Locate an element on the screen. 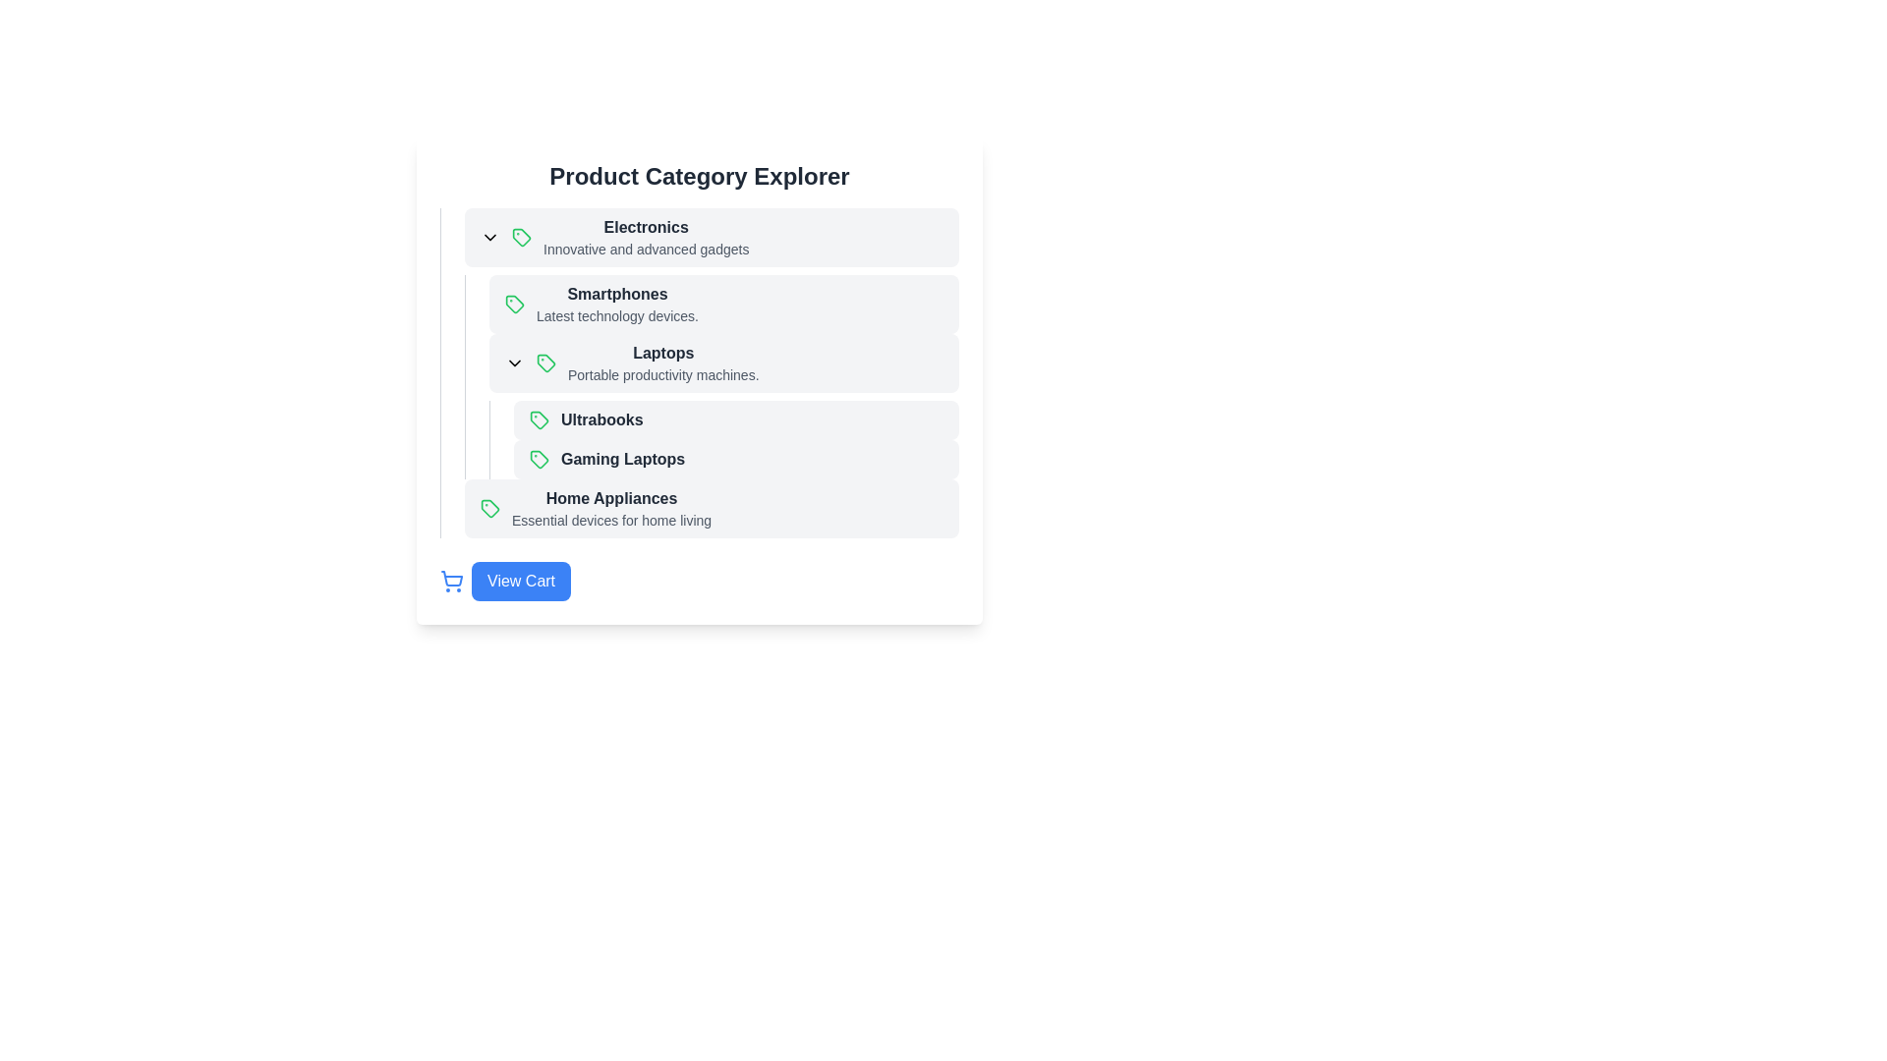 This screenshot has height=1061, width=1887. the 'Home Appliances' text label, which is styled with bold font and dark gray color, located under the 'Product Category Explorer' section, following 'Gaming Laptops' is located at coordinates (610, 498).